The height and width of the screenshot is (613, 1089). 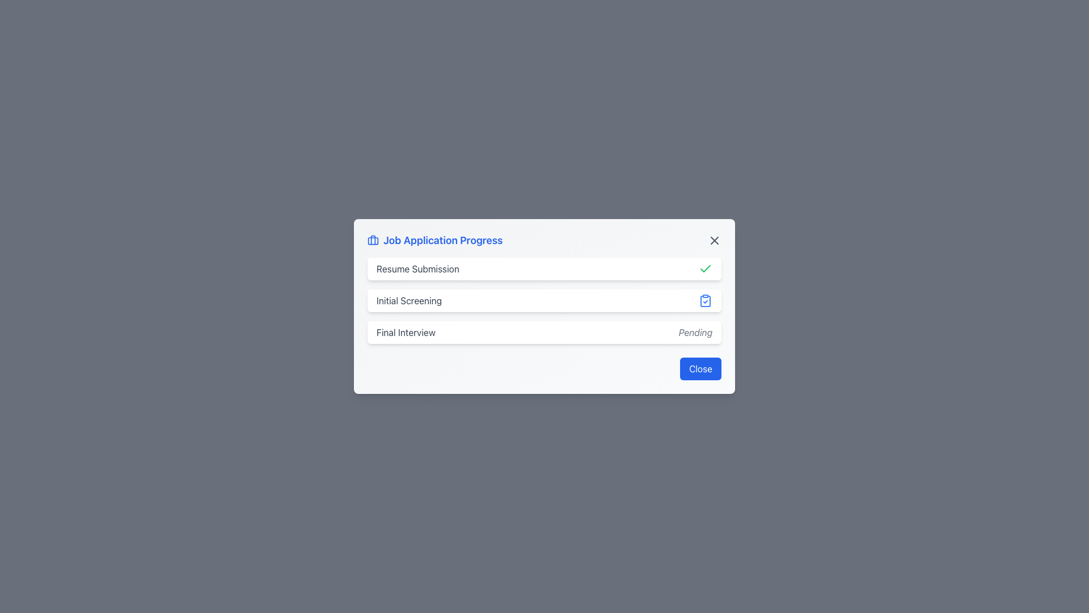 I want to click on the blue clipboard icon with a checkmark, which is positioned to the right of the 'Initial Screening' text, indicating its active state within the interface, so click(x=704, y=300).